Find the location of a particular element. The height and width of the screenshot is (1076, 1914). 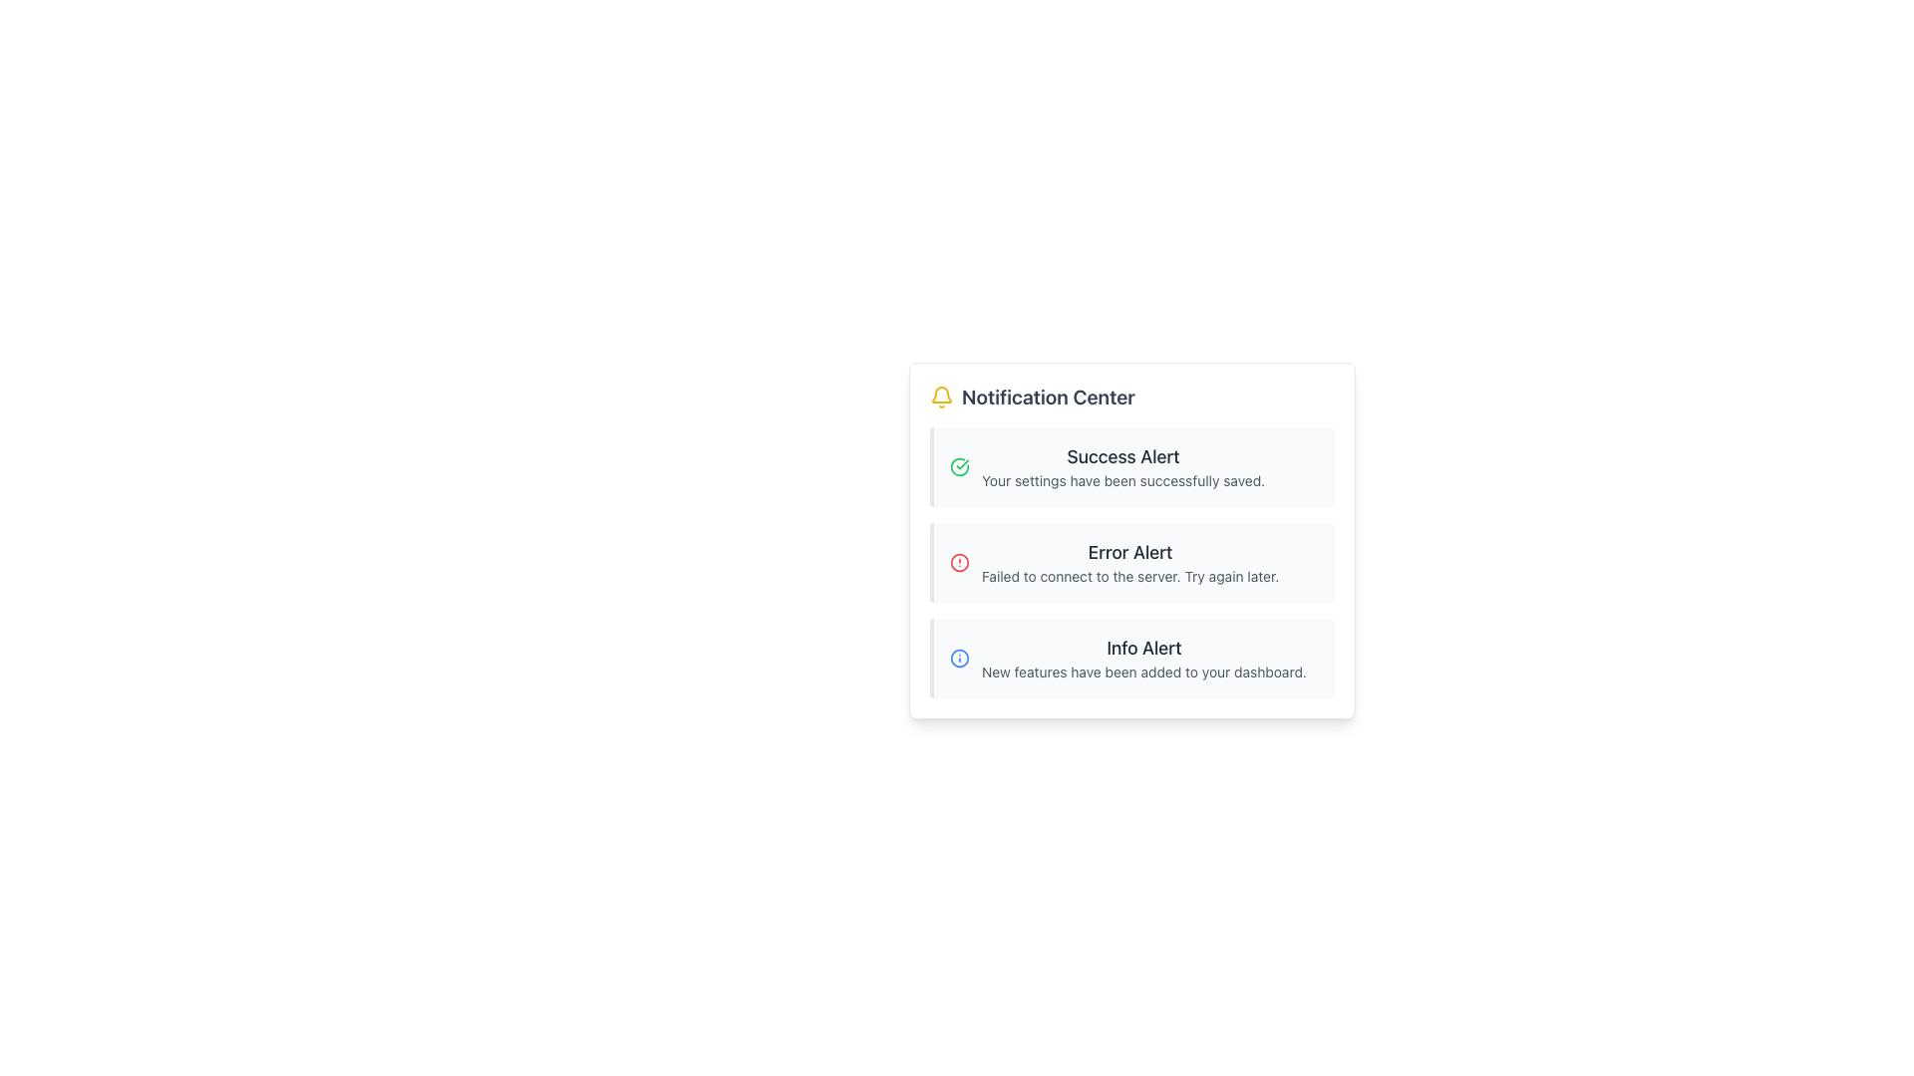

the third notification in the 'Notification Center' that informs about new features, located below the 'Error Alert' is located at coordinates (1143, 658).